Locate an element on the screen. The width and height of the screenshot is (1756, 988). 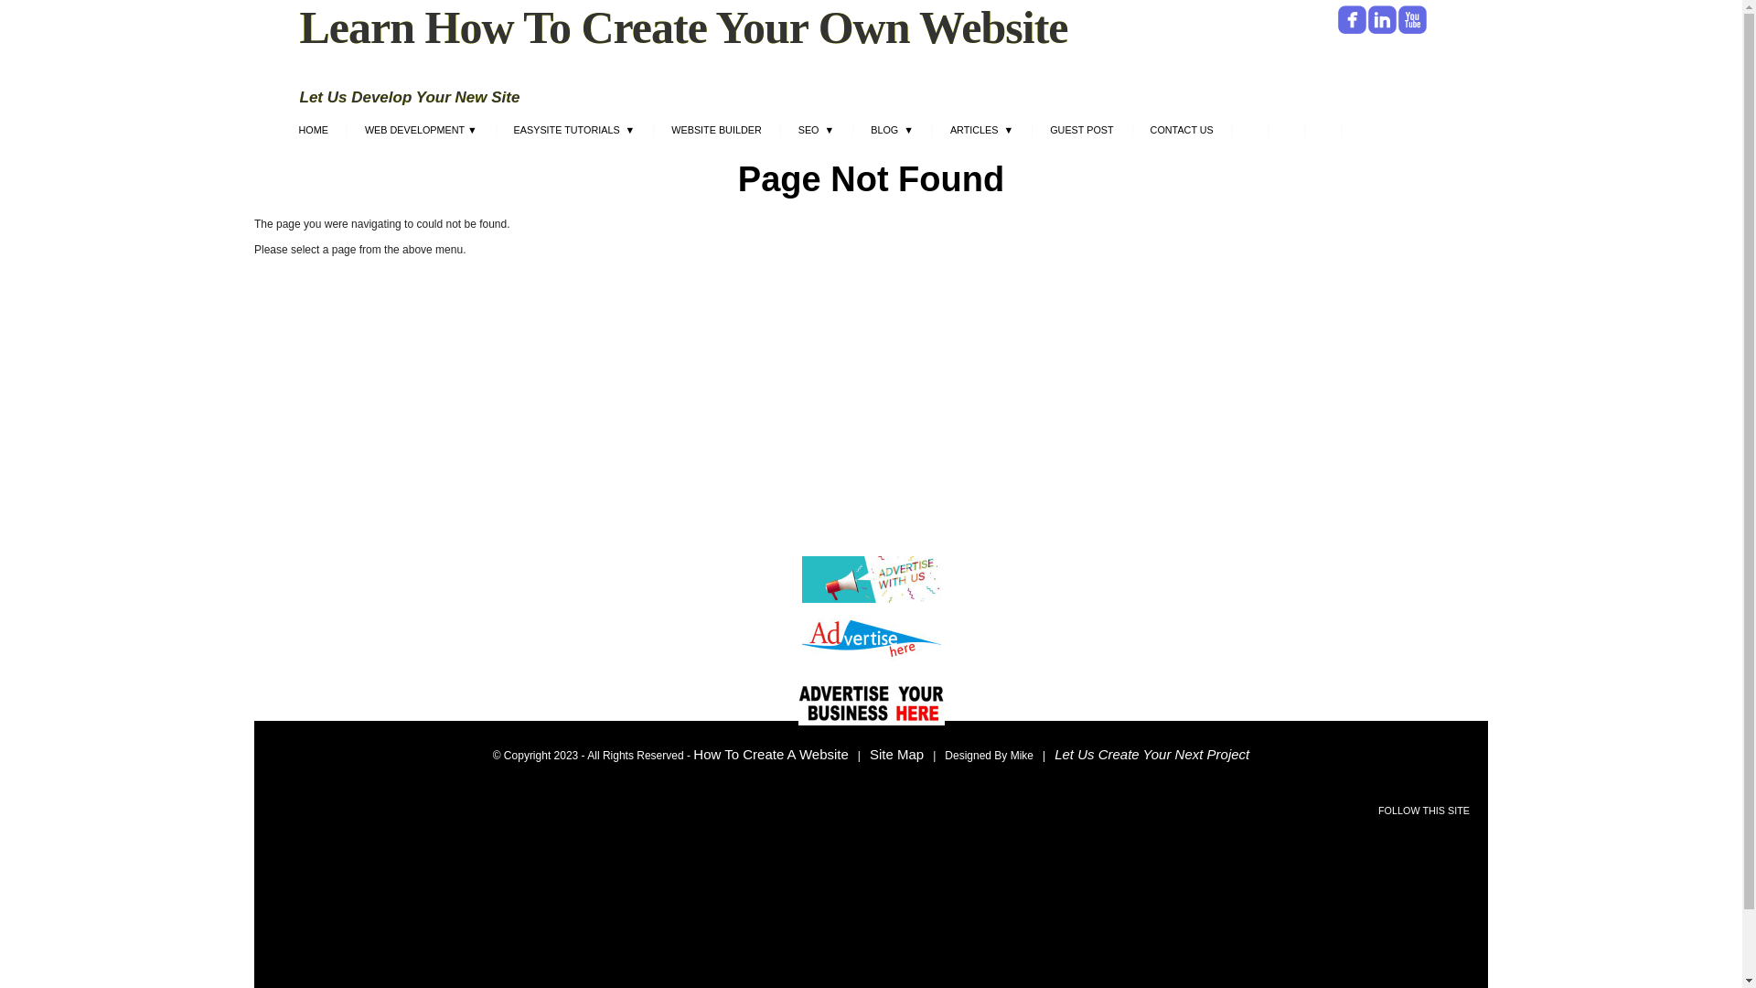
'LinkedIn' is located at coordinates (1368, 20).